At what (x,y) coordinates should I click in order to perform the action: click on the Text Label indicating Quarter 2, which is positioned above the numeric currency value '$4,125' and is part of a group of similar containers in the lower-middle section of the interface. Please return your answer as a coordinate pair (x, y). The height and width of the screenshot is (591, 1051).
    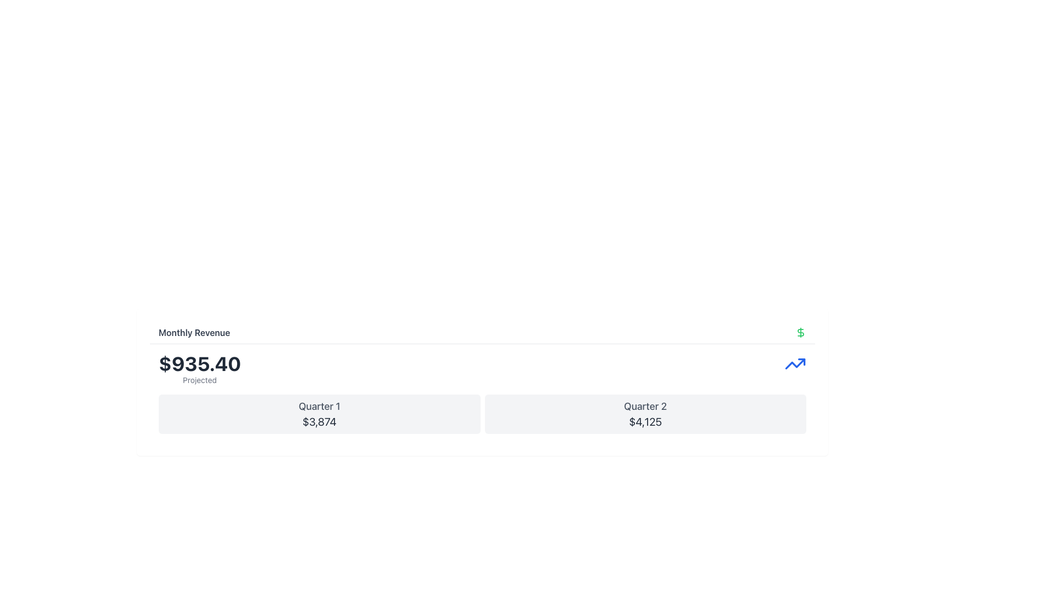
    Looking at the image, I should click on (645, 407).